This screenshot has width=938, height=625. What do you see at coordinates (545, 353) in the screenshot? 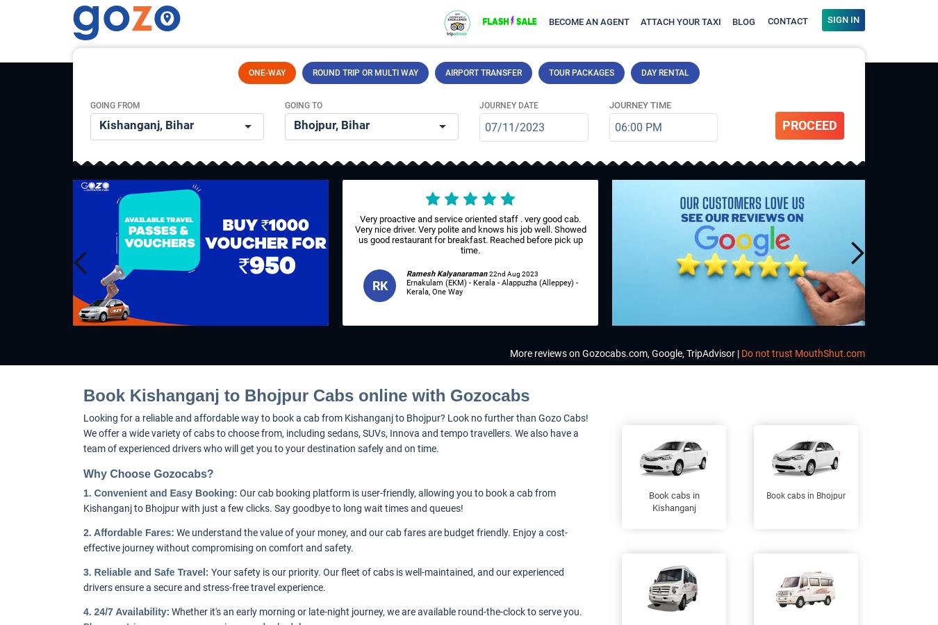
I see `'More reviews on'` at bounding box center [545, 353].